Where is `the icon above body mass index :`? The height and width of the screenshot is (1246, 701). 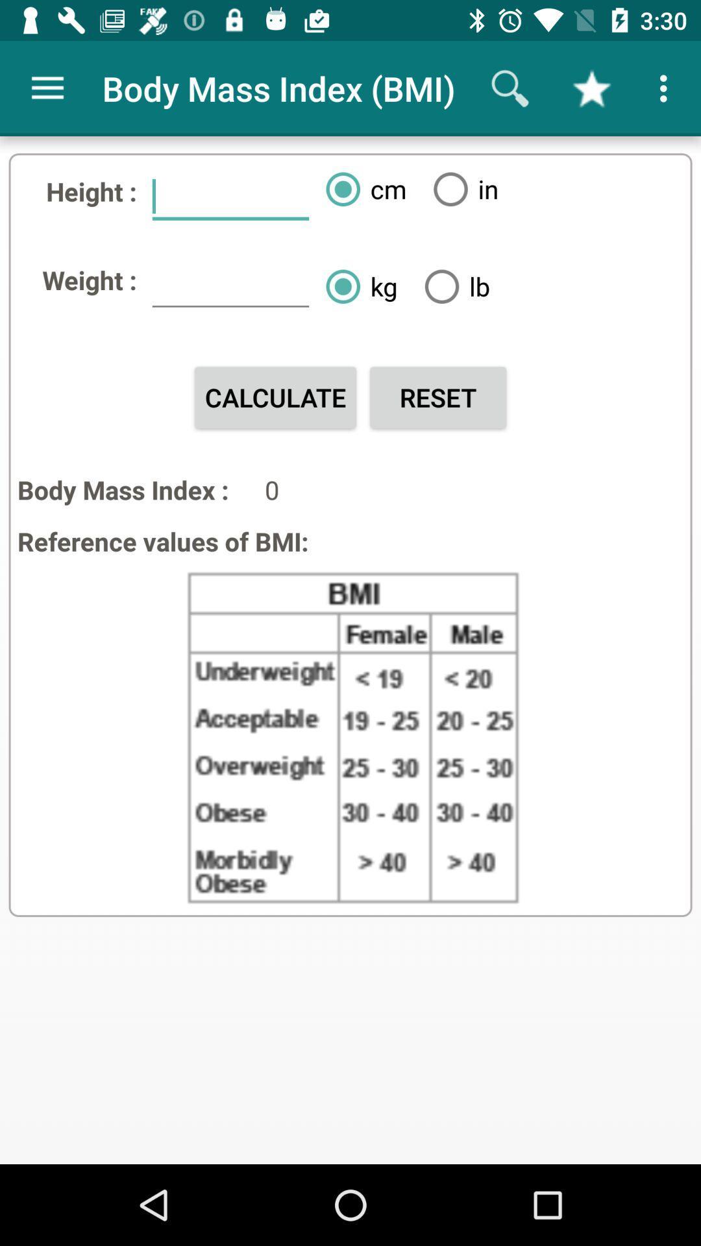 the icon above body mass index : is located at coordinates (275, 397).